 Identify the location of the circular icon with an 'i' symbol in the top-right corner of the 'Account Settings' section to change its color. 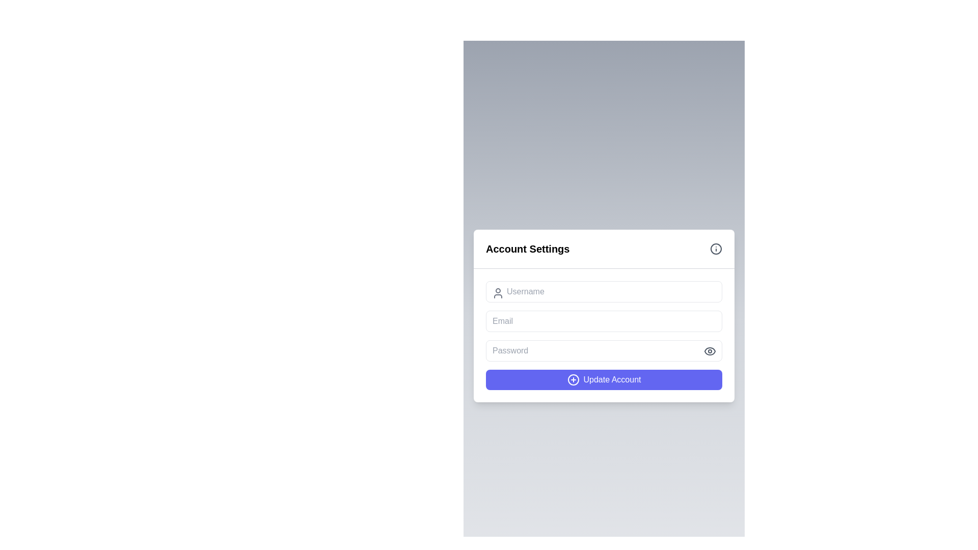
(716, 249).